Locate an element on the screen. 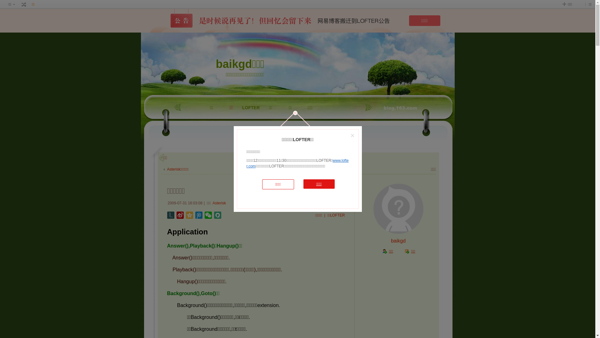  ' ' is located at coordinates (24, 4).